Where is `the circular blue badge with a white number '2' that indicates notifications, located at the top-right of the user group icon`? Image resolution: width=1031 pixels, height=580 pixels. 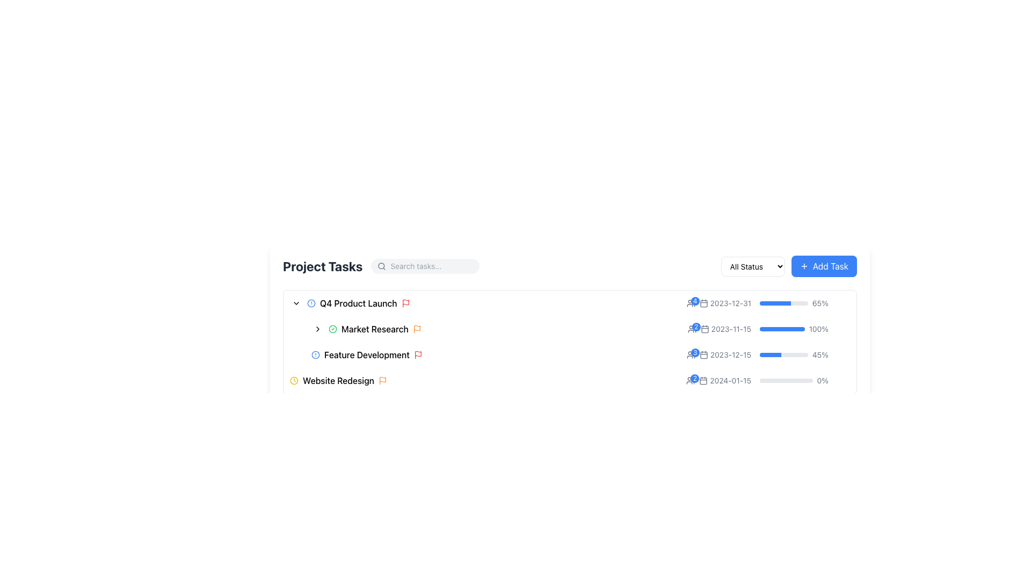 the circular blue badge with a white number '2' that indicates notifications, located at the top-right of the user group icon is located at coordinates (695, 378).